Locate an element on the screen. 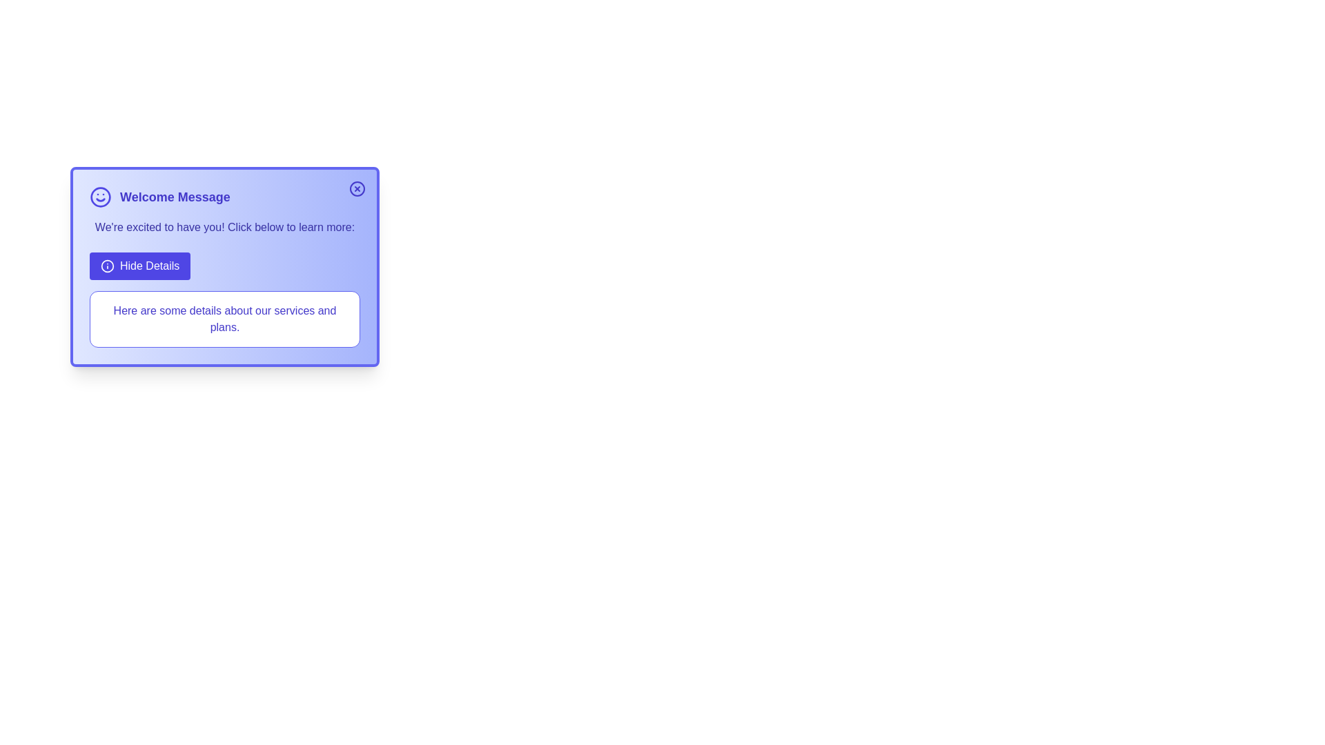  the 'Hide Details' button to toggle the visibility of the details section is located at coordinates (139, 266).